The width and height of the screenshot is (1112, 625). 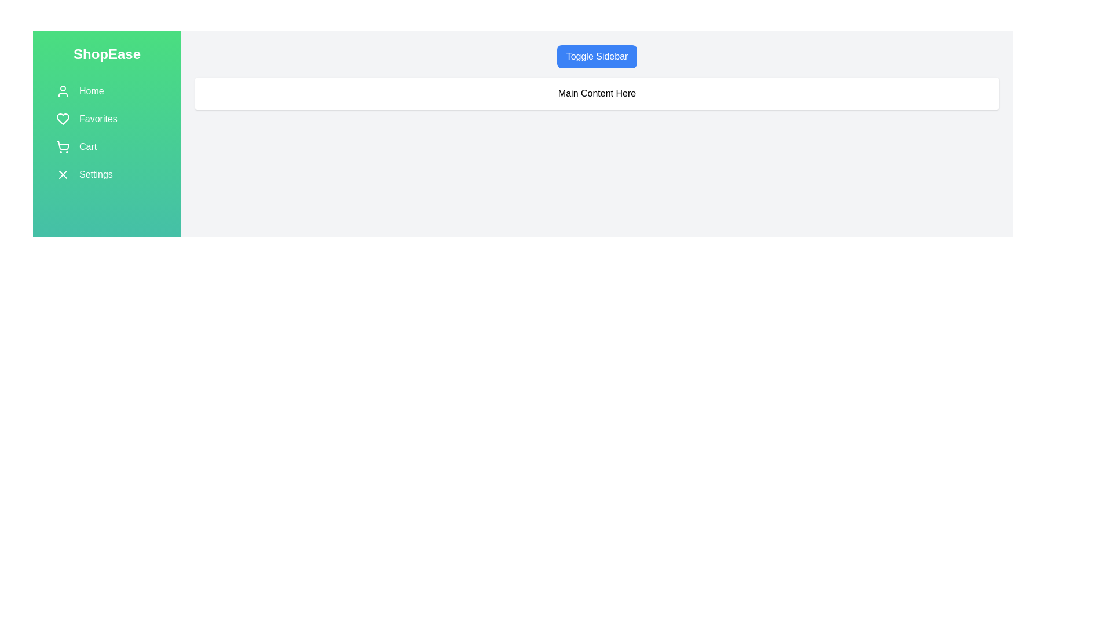 I want to click on the 'Cart' menu item in the sidebar, so click(x=107, y=146).